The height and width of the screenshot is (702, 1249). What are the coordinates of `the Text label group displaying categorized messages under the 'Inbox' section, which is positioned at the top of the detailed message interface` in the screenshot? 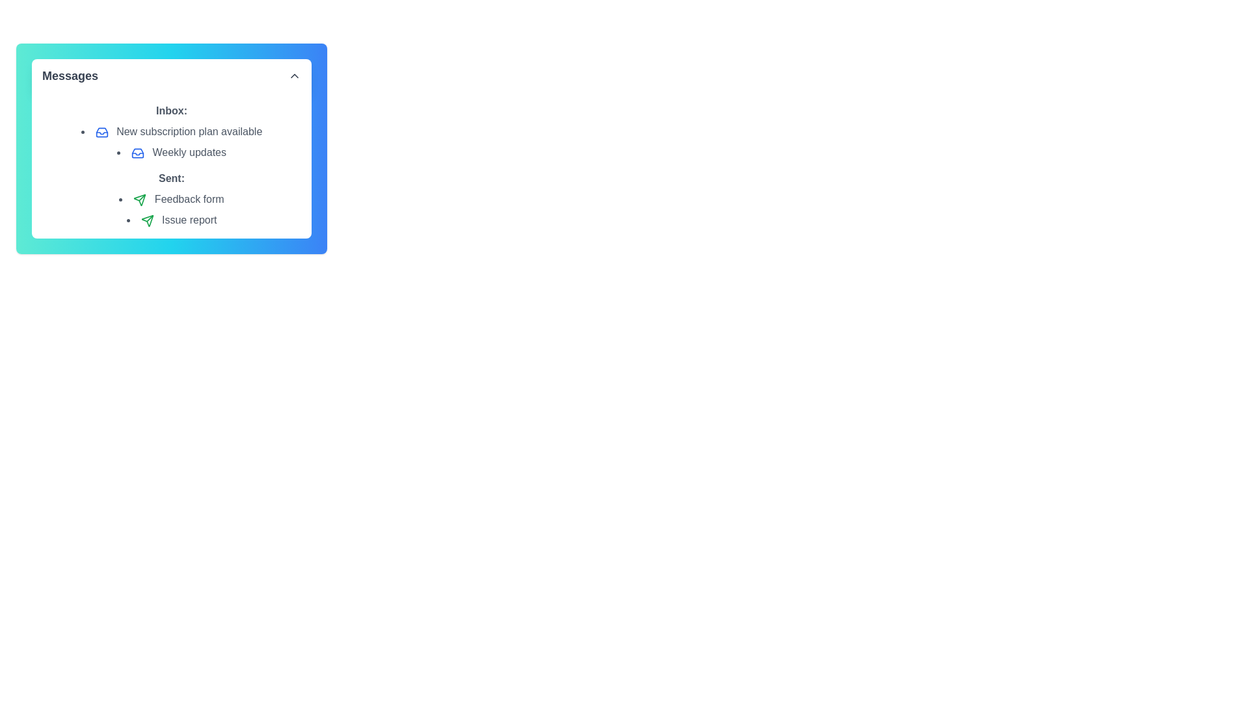 It's located at (171, 132).